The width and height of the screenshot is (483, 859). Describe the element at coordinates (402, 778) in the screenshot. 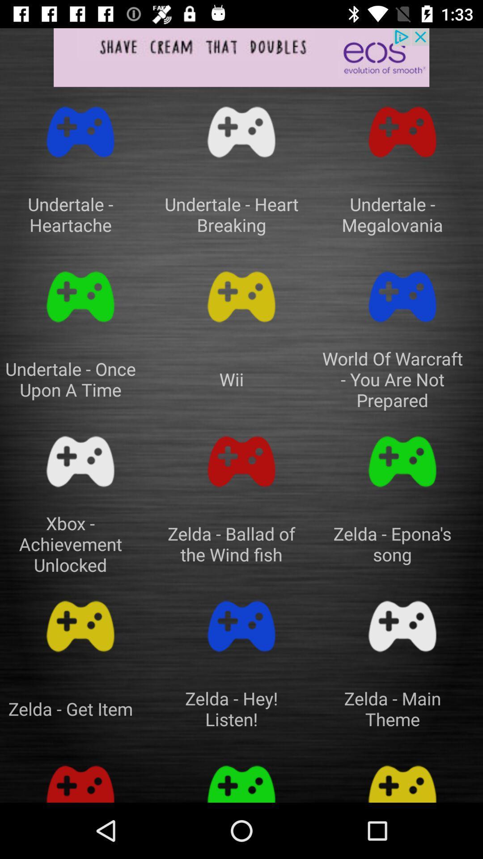

I see `one of the theme for playing video games` at that location.